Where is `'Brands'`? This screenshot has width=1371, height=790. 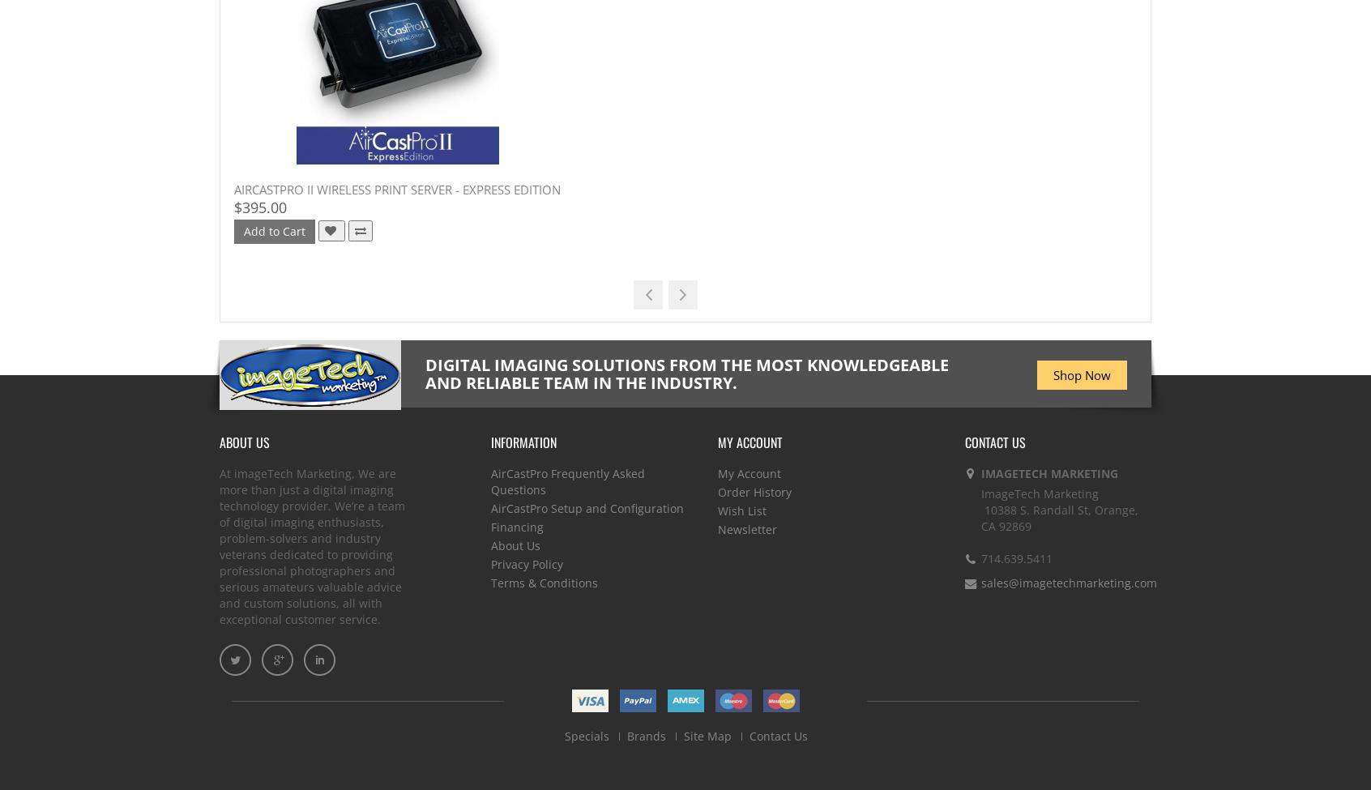 'Brands' is located at coordinates (646, 735).